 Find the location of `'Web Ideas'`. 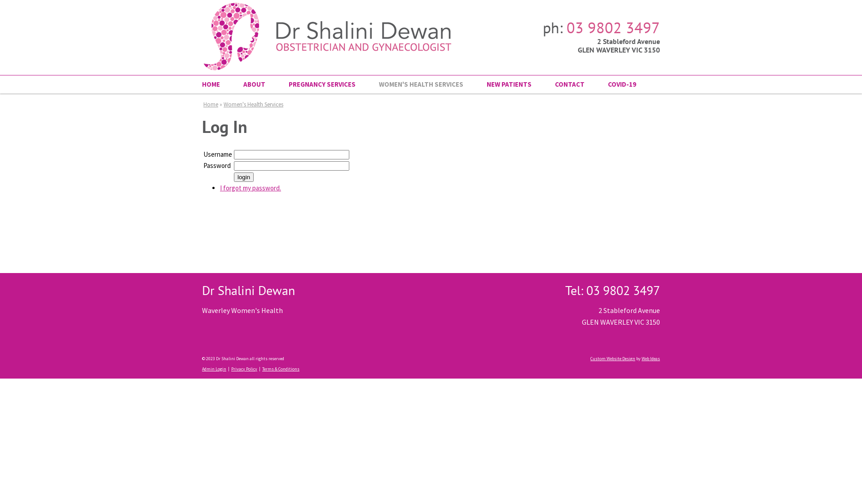

'Web Ideas' is located at coordinates (651, 358).